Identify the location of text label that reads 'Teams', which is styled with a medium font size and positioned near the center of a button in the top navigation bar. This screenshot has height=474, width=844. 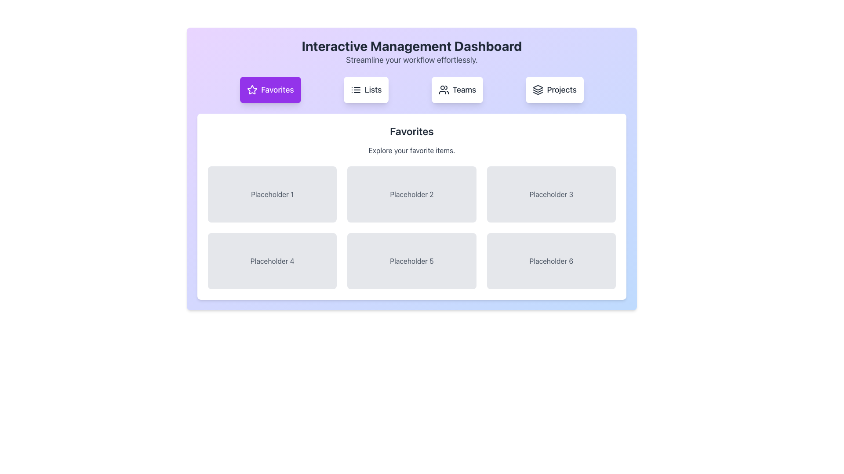
(464, 90).